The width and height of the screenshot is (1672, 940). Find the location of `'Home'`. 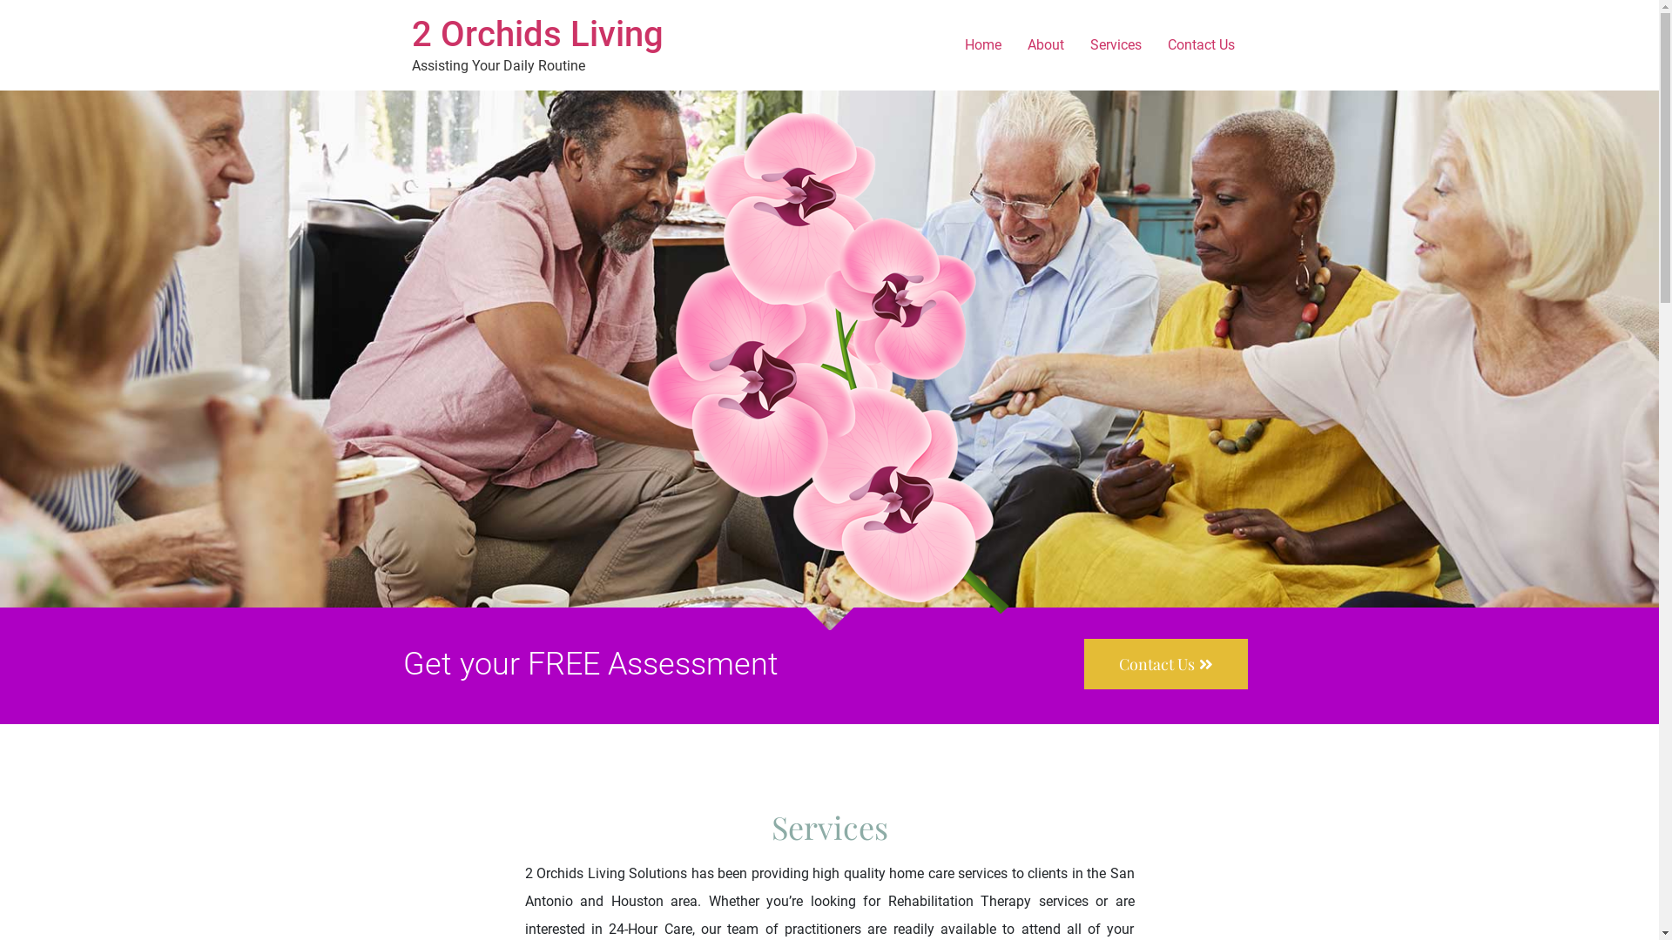

'Home' is located at coordinates (982, 44).